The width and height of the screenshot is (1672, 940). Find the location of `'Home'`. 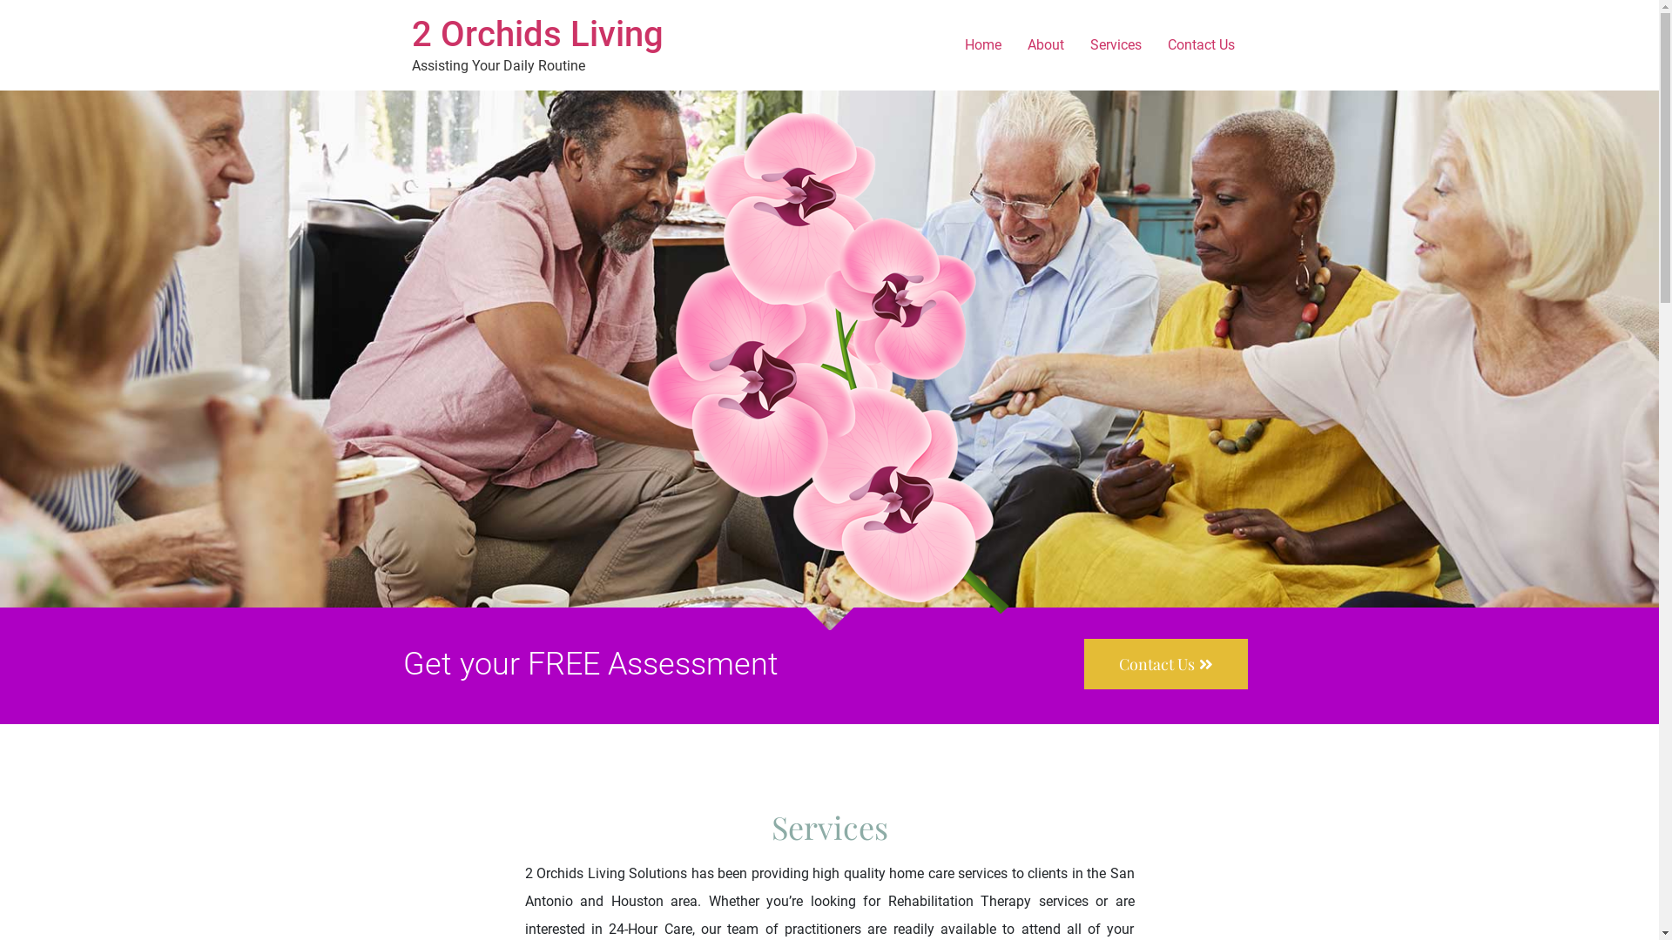

'Home' is located at coordinates (982, 44).